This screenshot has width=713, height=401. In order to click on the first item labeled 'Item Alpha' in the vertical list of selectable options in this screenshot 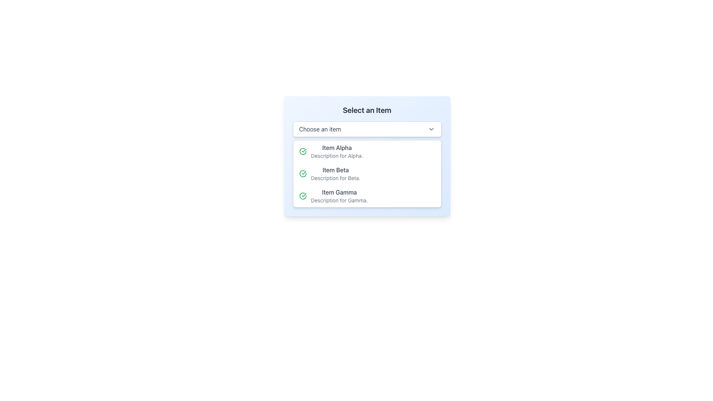, I will do `click(367, 151)`.